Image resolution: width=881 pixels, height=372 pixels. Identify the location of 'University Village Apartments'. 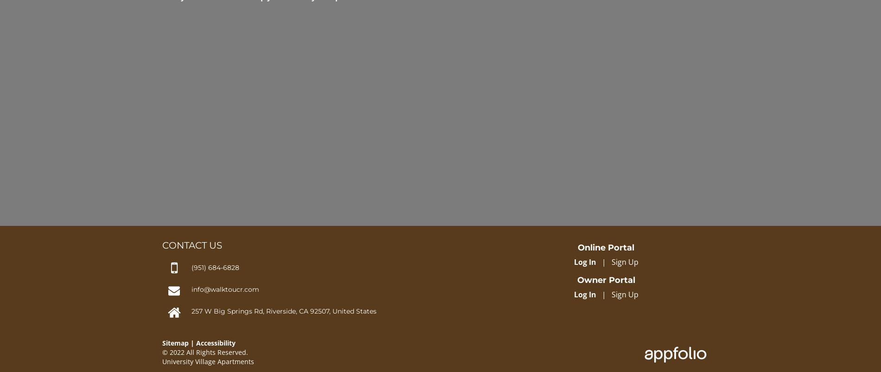
(161, 361).